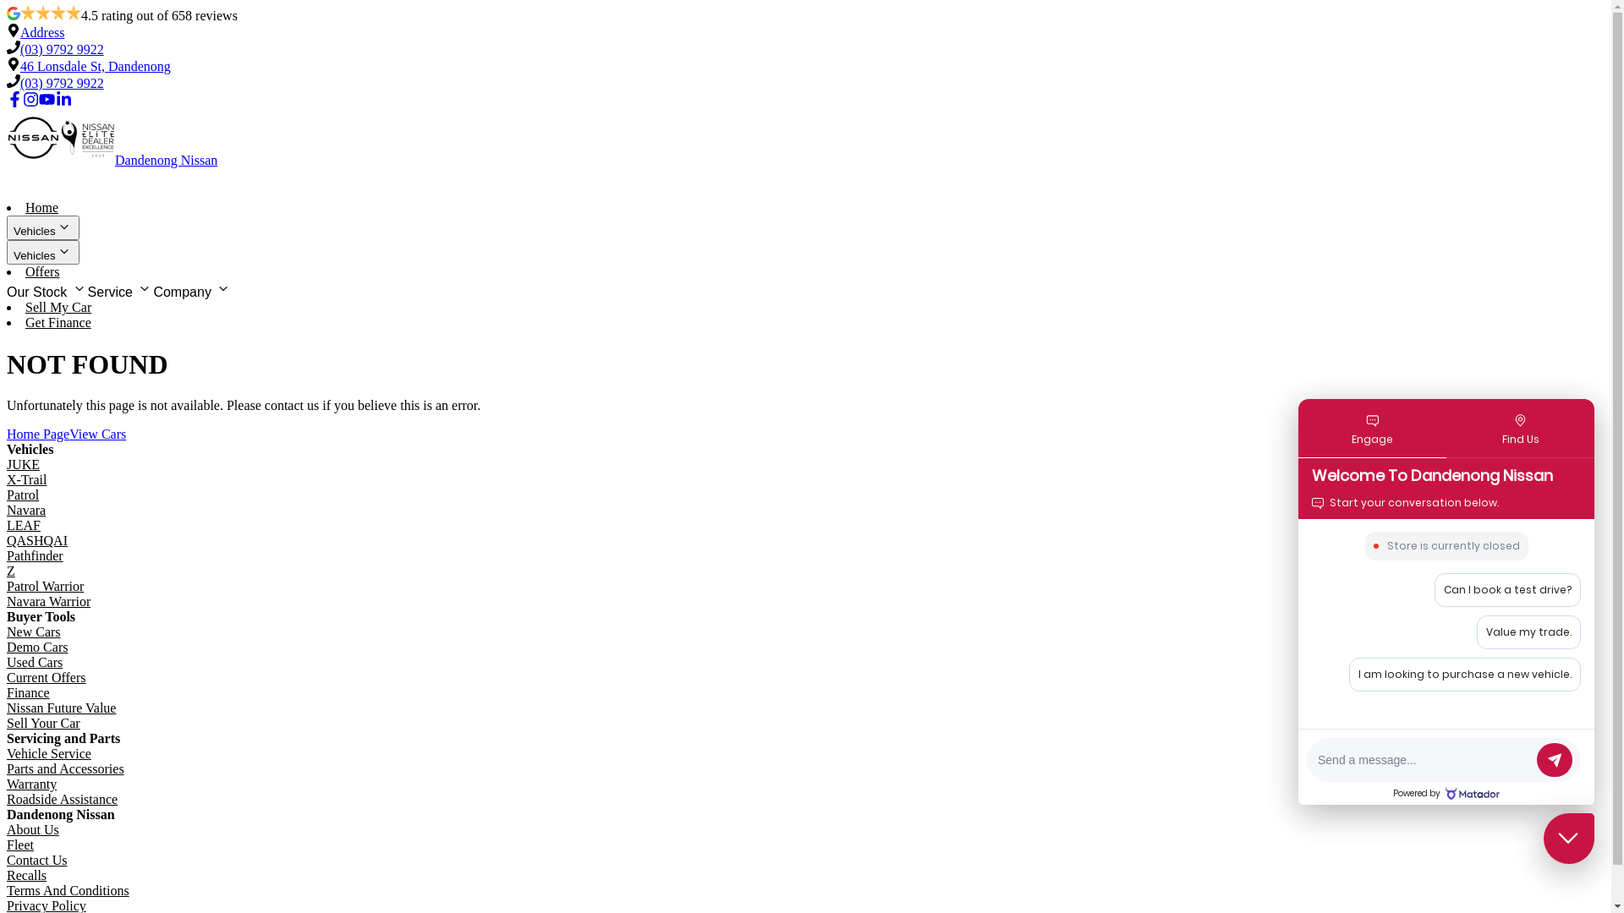  Describe the element at coordinates (7, 524) in the screenshot. I see `'LEAF'` at that location.